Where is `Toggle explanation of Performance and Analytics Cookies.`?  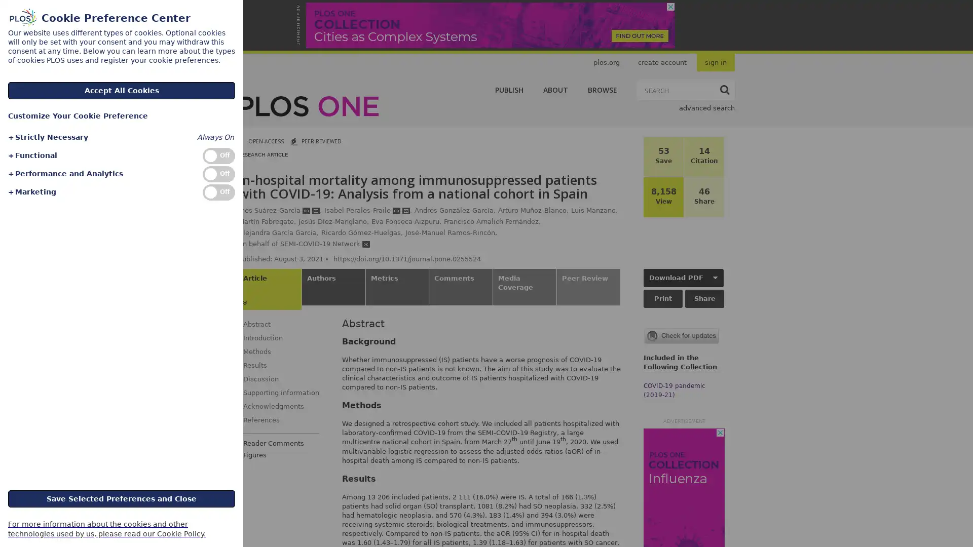
Toggle explanation of Performance and Analytics Cookies. is located at coordinates (64, 173).